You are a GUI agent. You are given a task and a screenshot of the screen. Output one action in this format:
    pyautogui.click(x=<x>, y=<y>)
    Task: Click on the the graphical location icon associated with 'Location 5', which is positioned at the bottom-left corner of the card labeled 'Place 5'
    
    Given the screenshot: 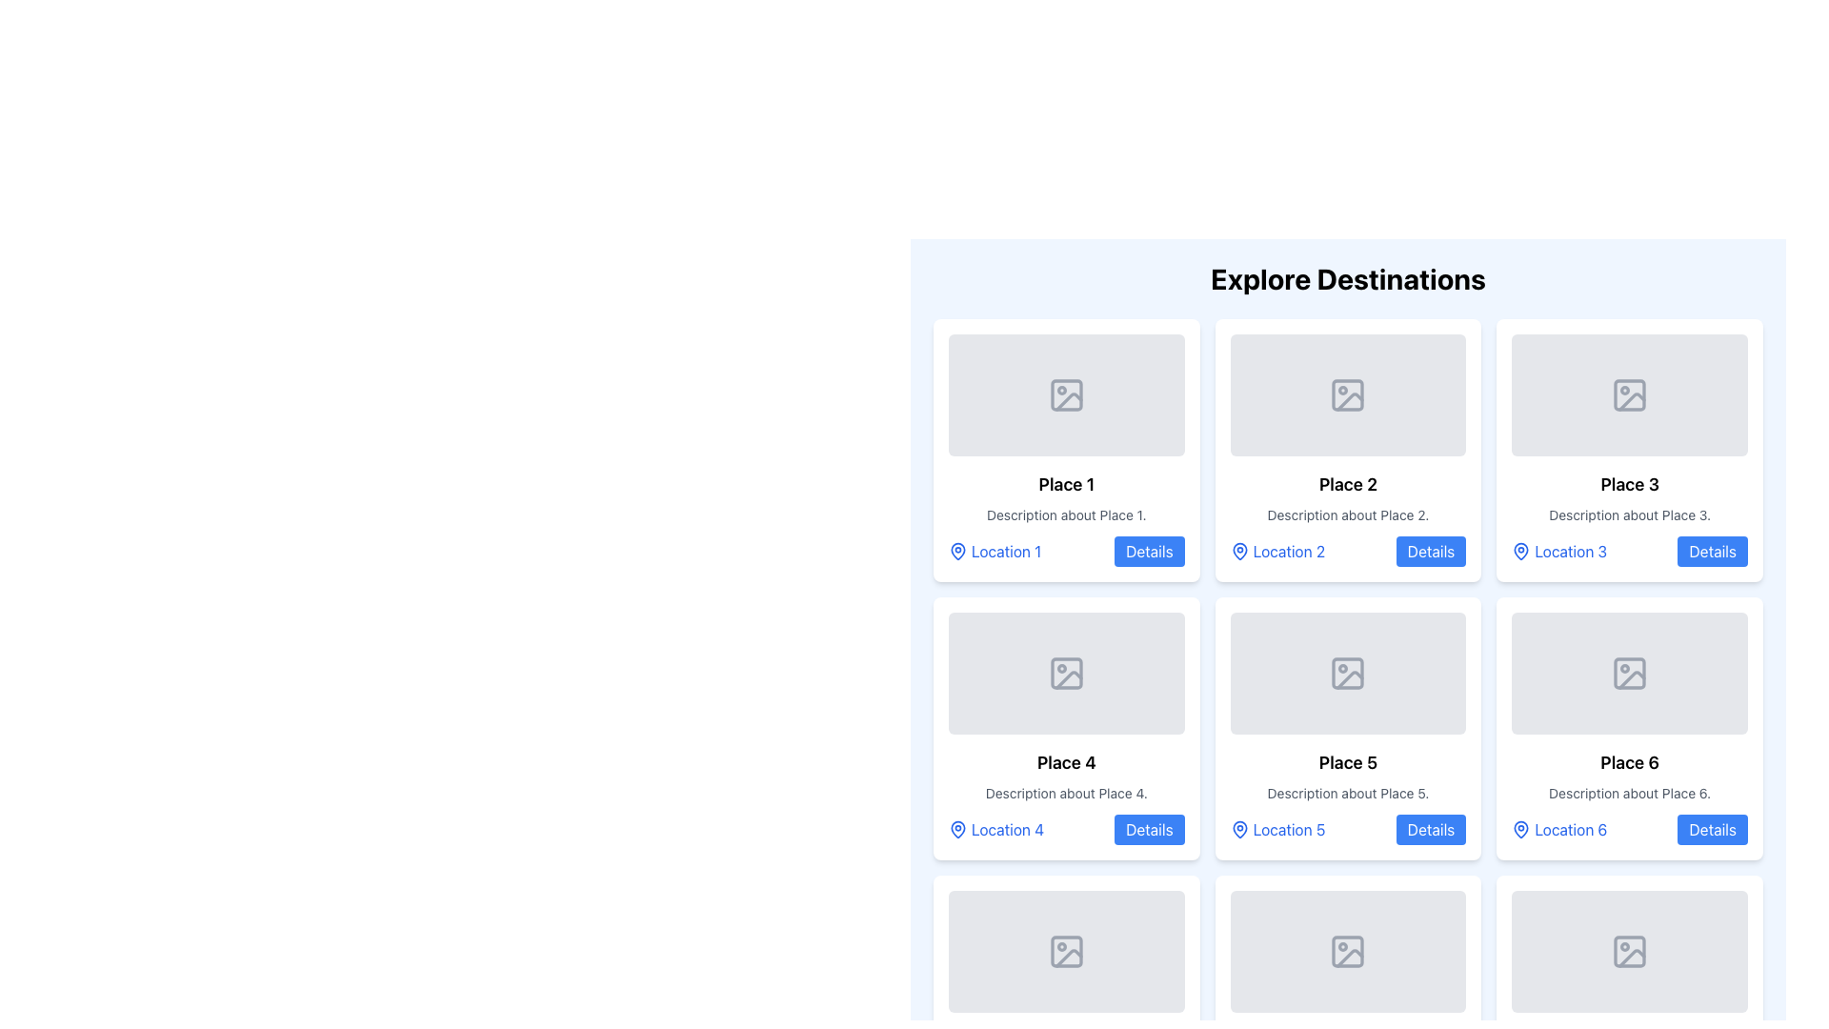 What is the action you would take?
    pyautogui.click(x=1239, y=829)
    